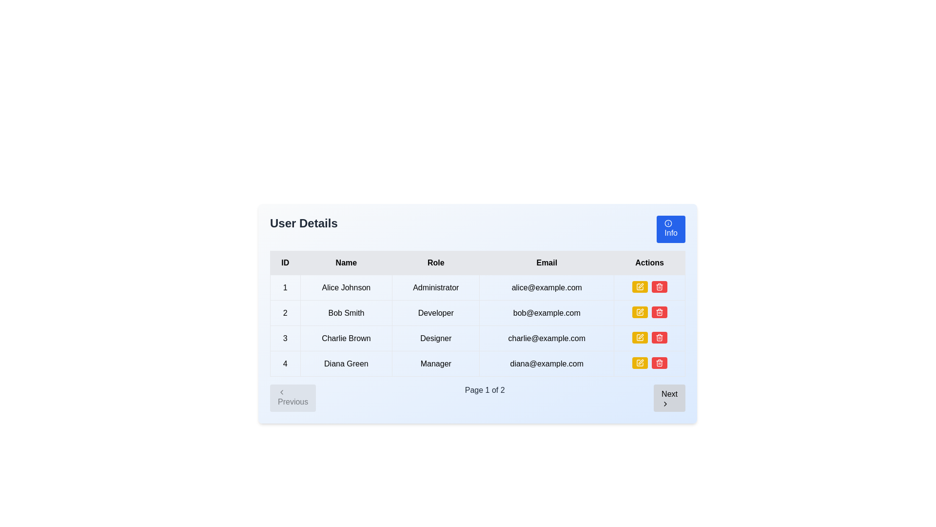  Describe the element at coordinates (640, 312) in the screenshot. I see `the edit button icon in the 'Actions' column for 'Alice Johnson'` at that location.